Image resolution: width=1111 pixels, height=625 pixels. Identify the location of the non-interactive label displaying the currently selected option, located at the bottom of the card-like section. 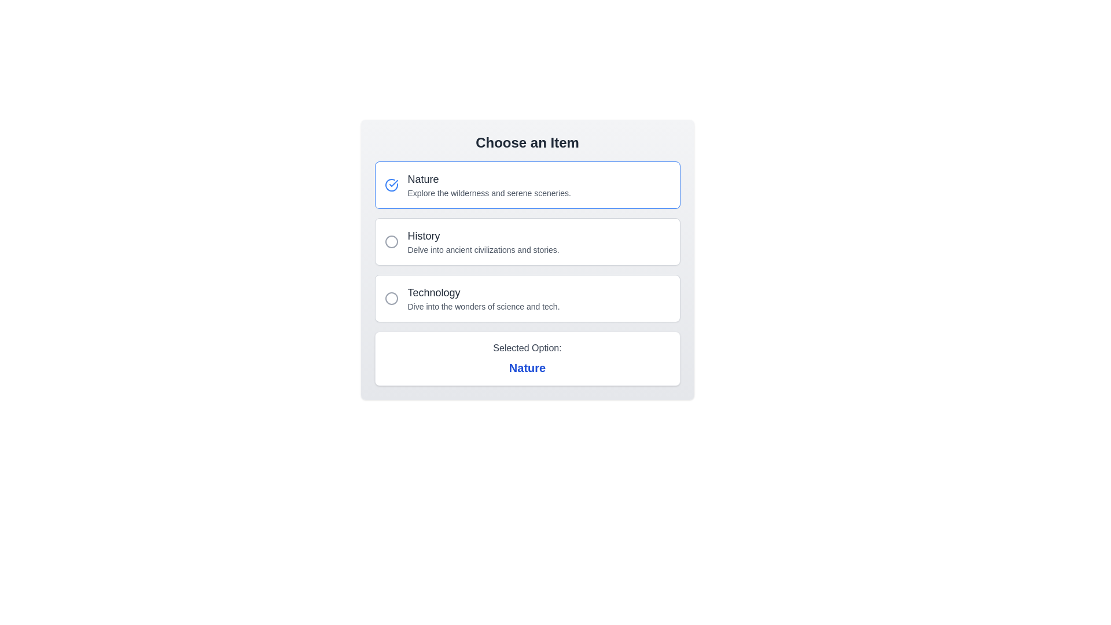
(527, 358).